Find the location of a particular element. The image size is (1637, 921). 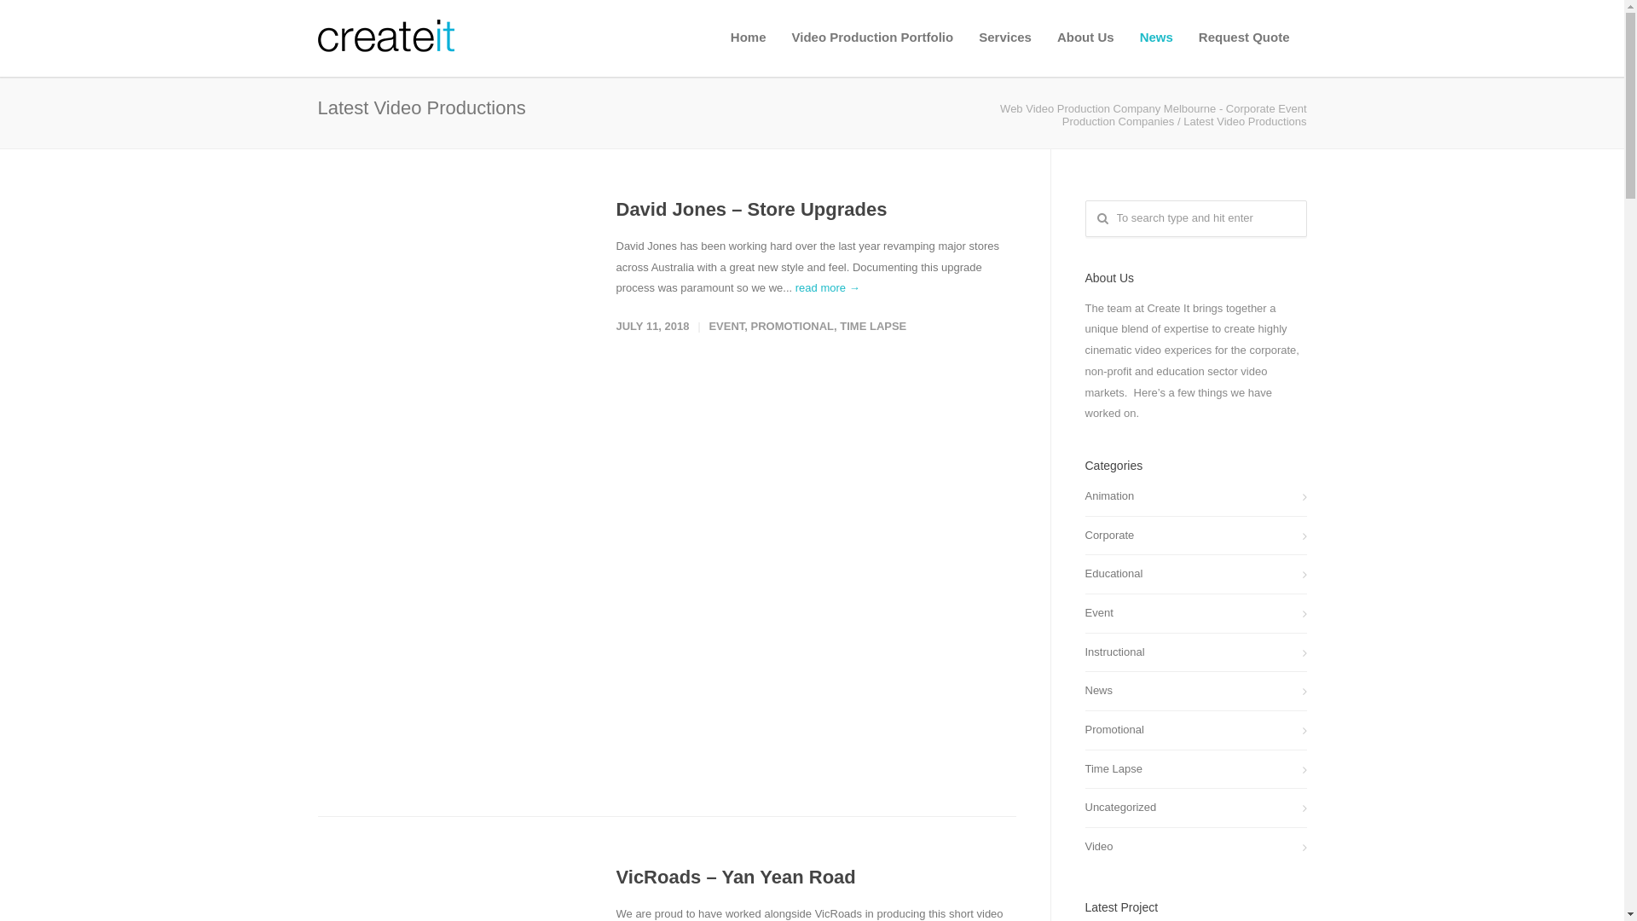

'Animation' is located at coordinates (1194, 496).